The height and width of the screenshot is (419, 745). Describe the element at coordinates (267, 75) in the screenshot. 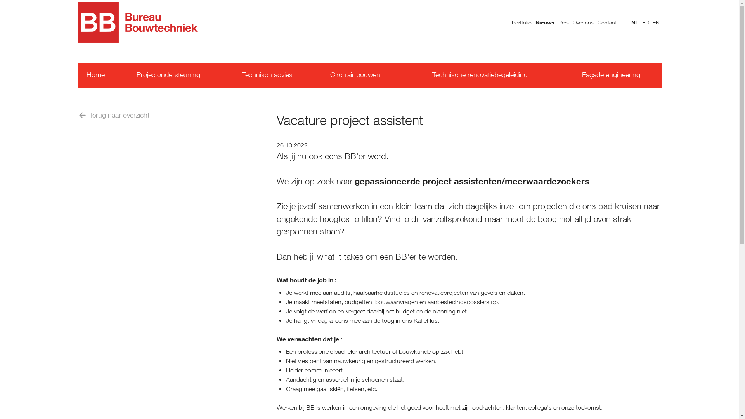

I see `'Technisch advies'` at that location.